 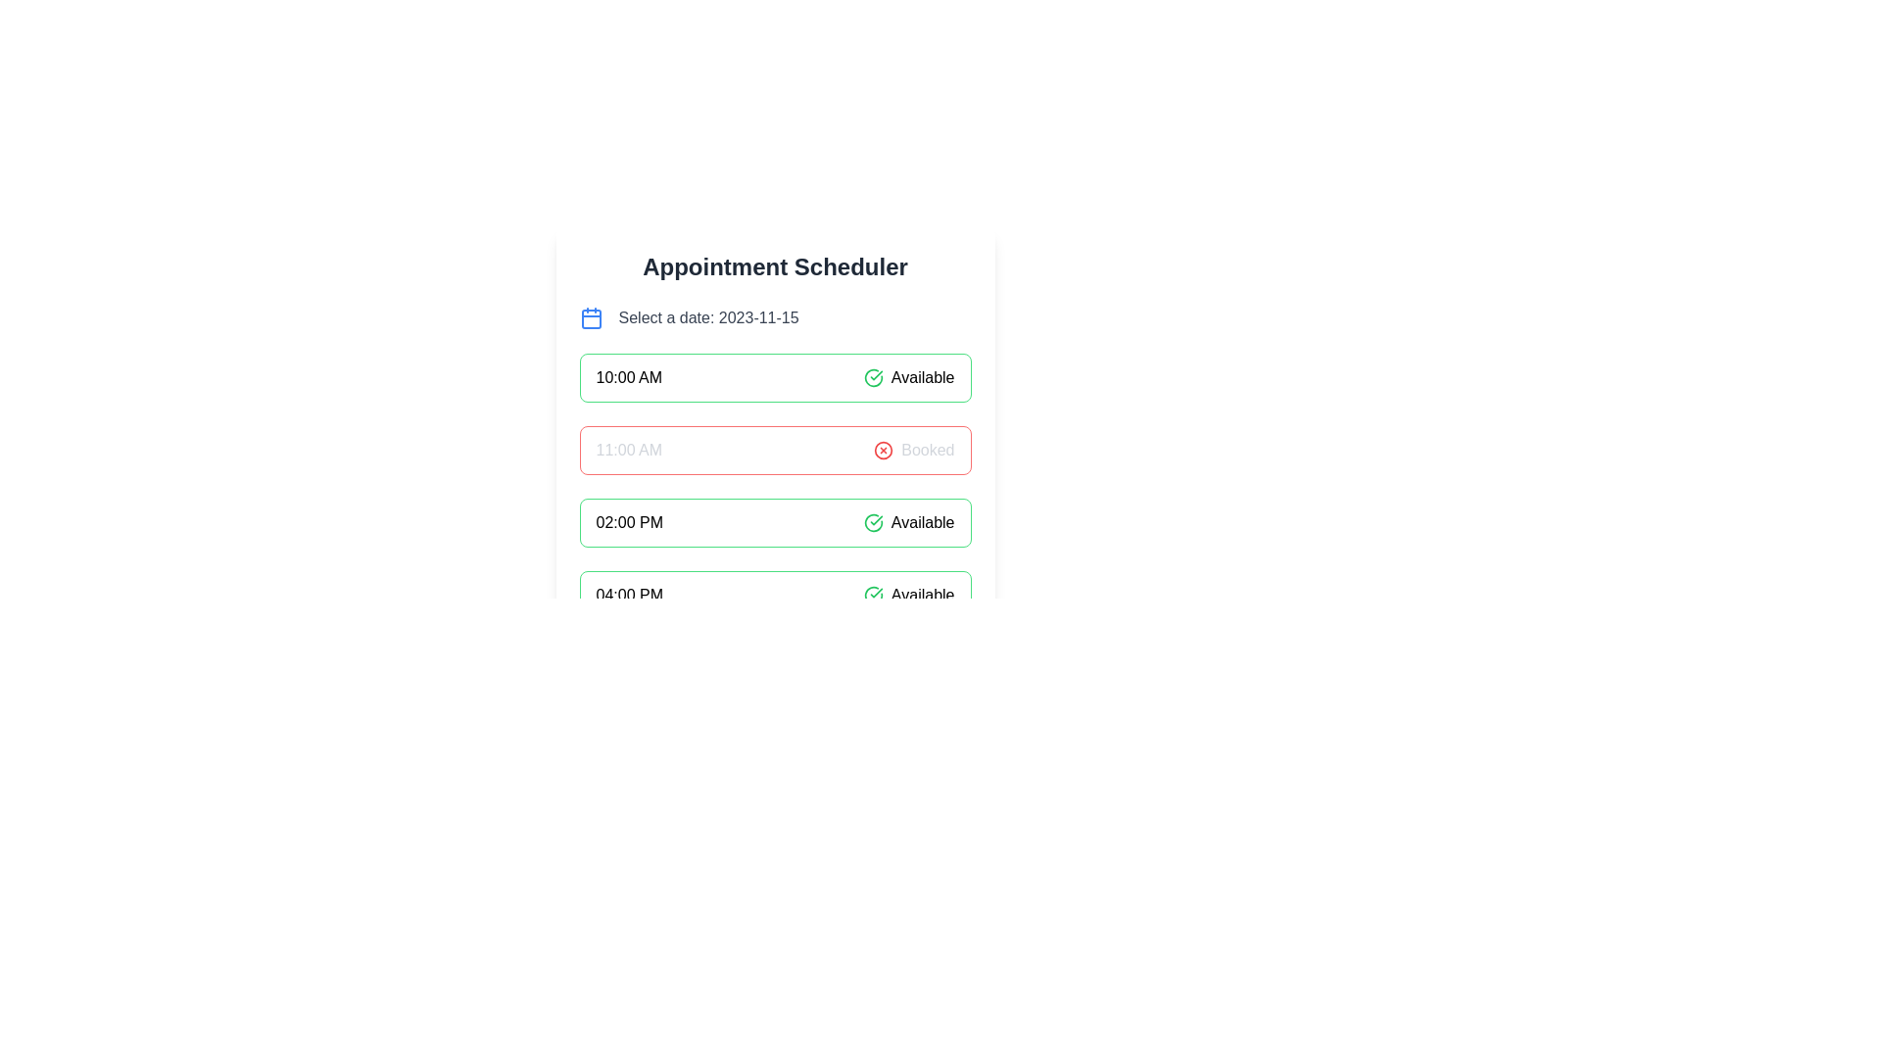 What do you see at coordinates (774, 434) in the screenshot?
I see `the time slot marked '11:00 AM Booked' in the Appointment Scheduler` at bounding box center [774, 434].